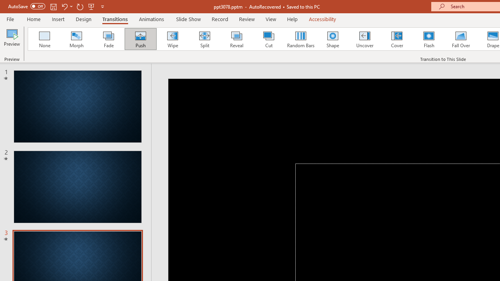 The image size is (500, 281). Describe the element at coordinates (204, 39) in the screenshot. I see `'Split'` at that location.